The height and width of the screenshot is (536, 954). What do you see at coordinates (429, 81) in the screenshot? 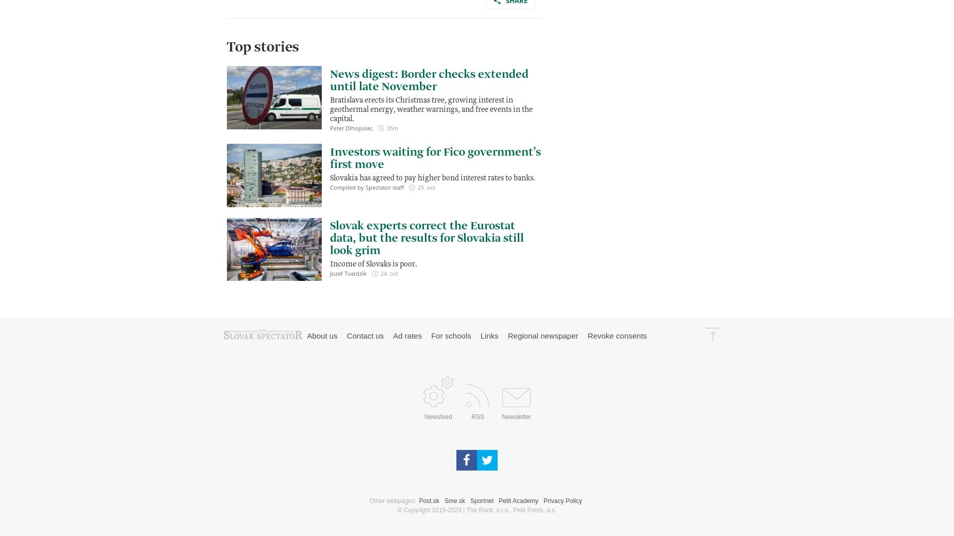
I see `'News digest: Border checks extended until late November'` at bounding box center [429, 81].